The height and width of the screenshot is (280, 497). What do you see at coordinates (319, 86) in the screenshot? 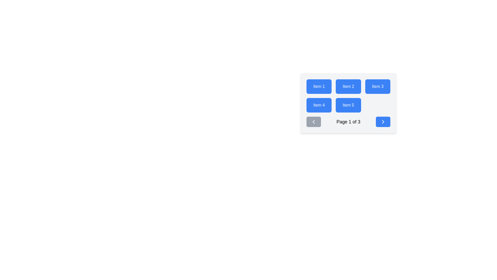
I see `the first static label or grid item located in the top-left corner of the grid in the upper-right section of the interface` at bounding box center [319, 86].